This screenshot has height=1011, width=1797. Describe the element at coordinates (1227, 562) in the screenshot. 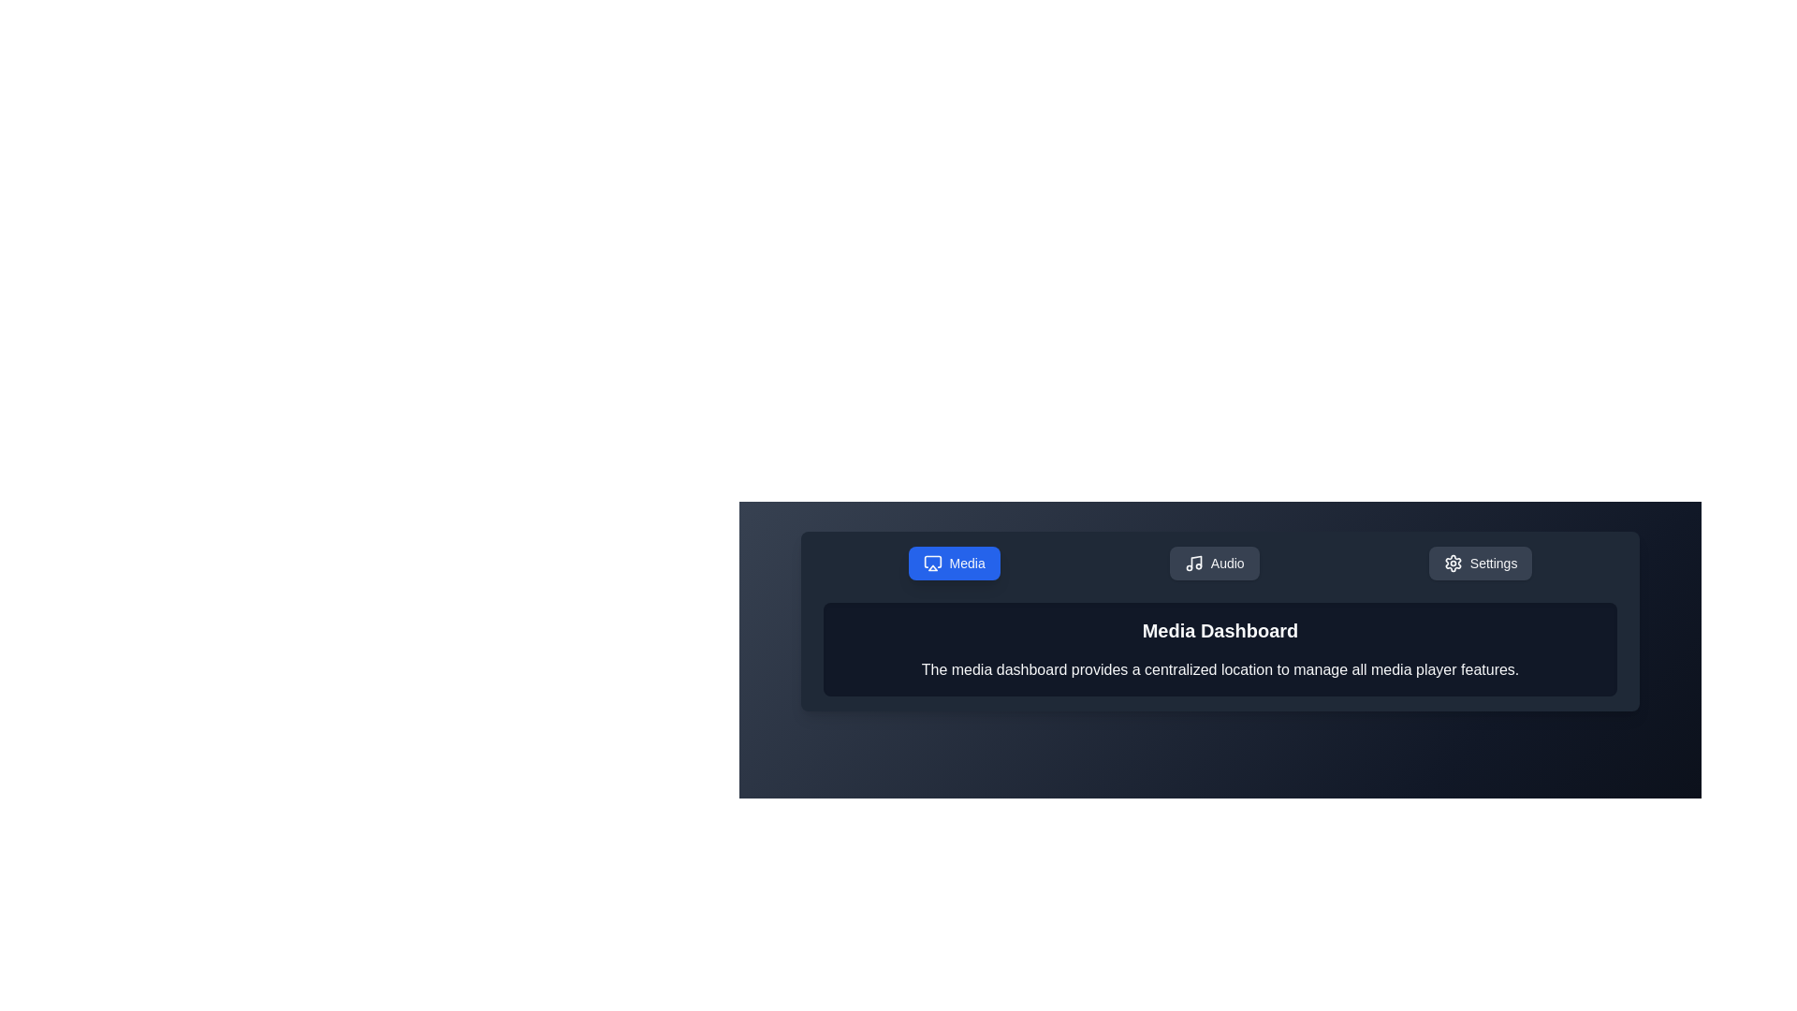

I see `the 'Audio' navigation button located in the horizontal navigation bar` at that location.